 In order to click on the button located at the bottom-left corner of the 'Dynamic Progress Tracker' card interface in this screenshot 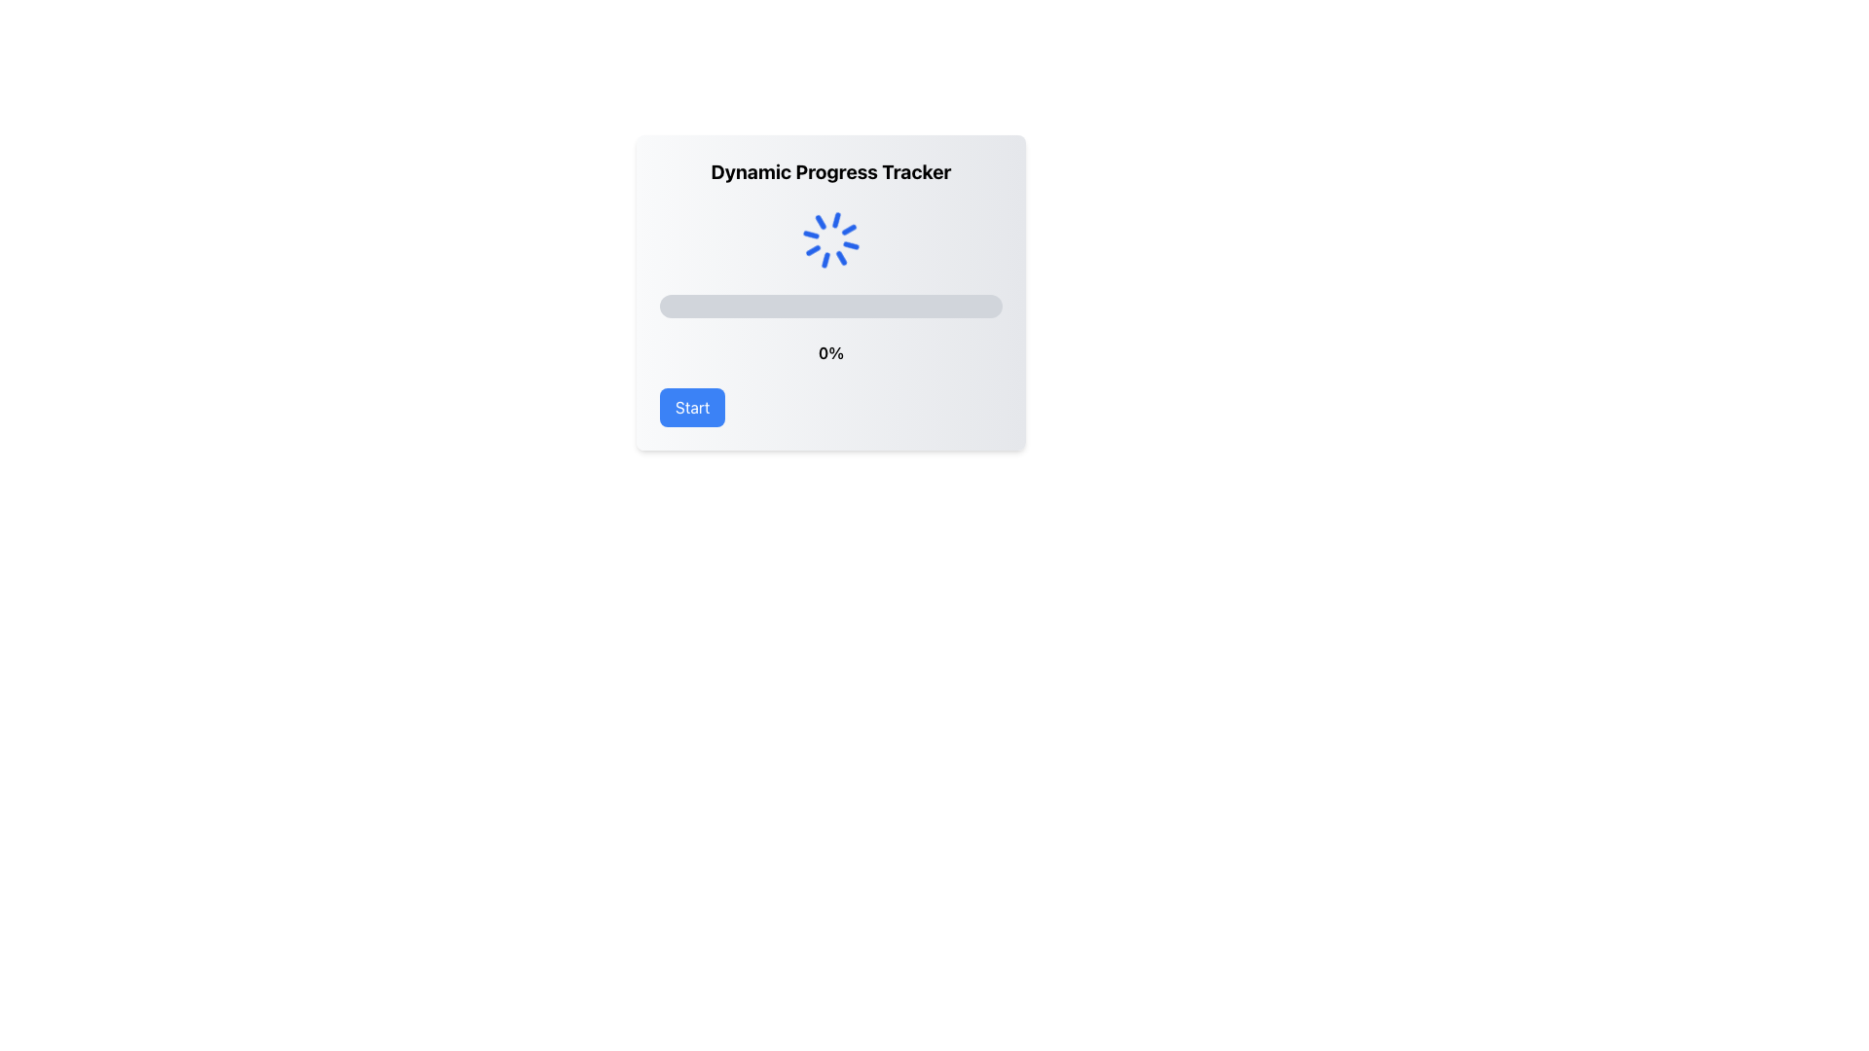, I will do `click(692, 407)`.